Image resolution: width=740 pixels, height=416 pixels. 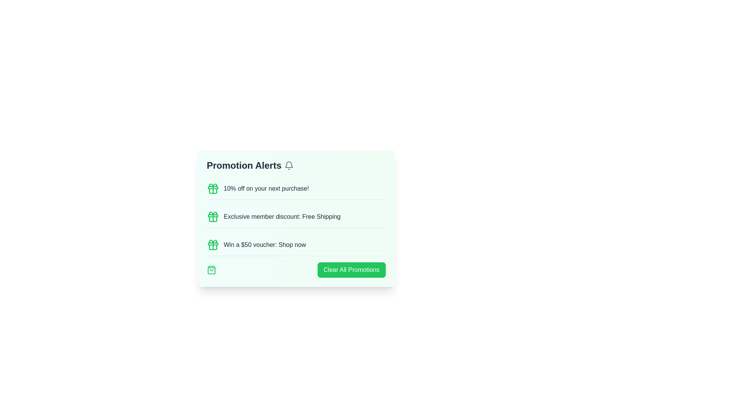 What do you see at coordinates (213, 217) in the screenshot?
I see `the promotion icon representing the 'Exclusive member discount: Free Shipping' text, located in the second row under 'Promotion Alerts'` at bounding box center [213, 217].